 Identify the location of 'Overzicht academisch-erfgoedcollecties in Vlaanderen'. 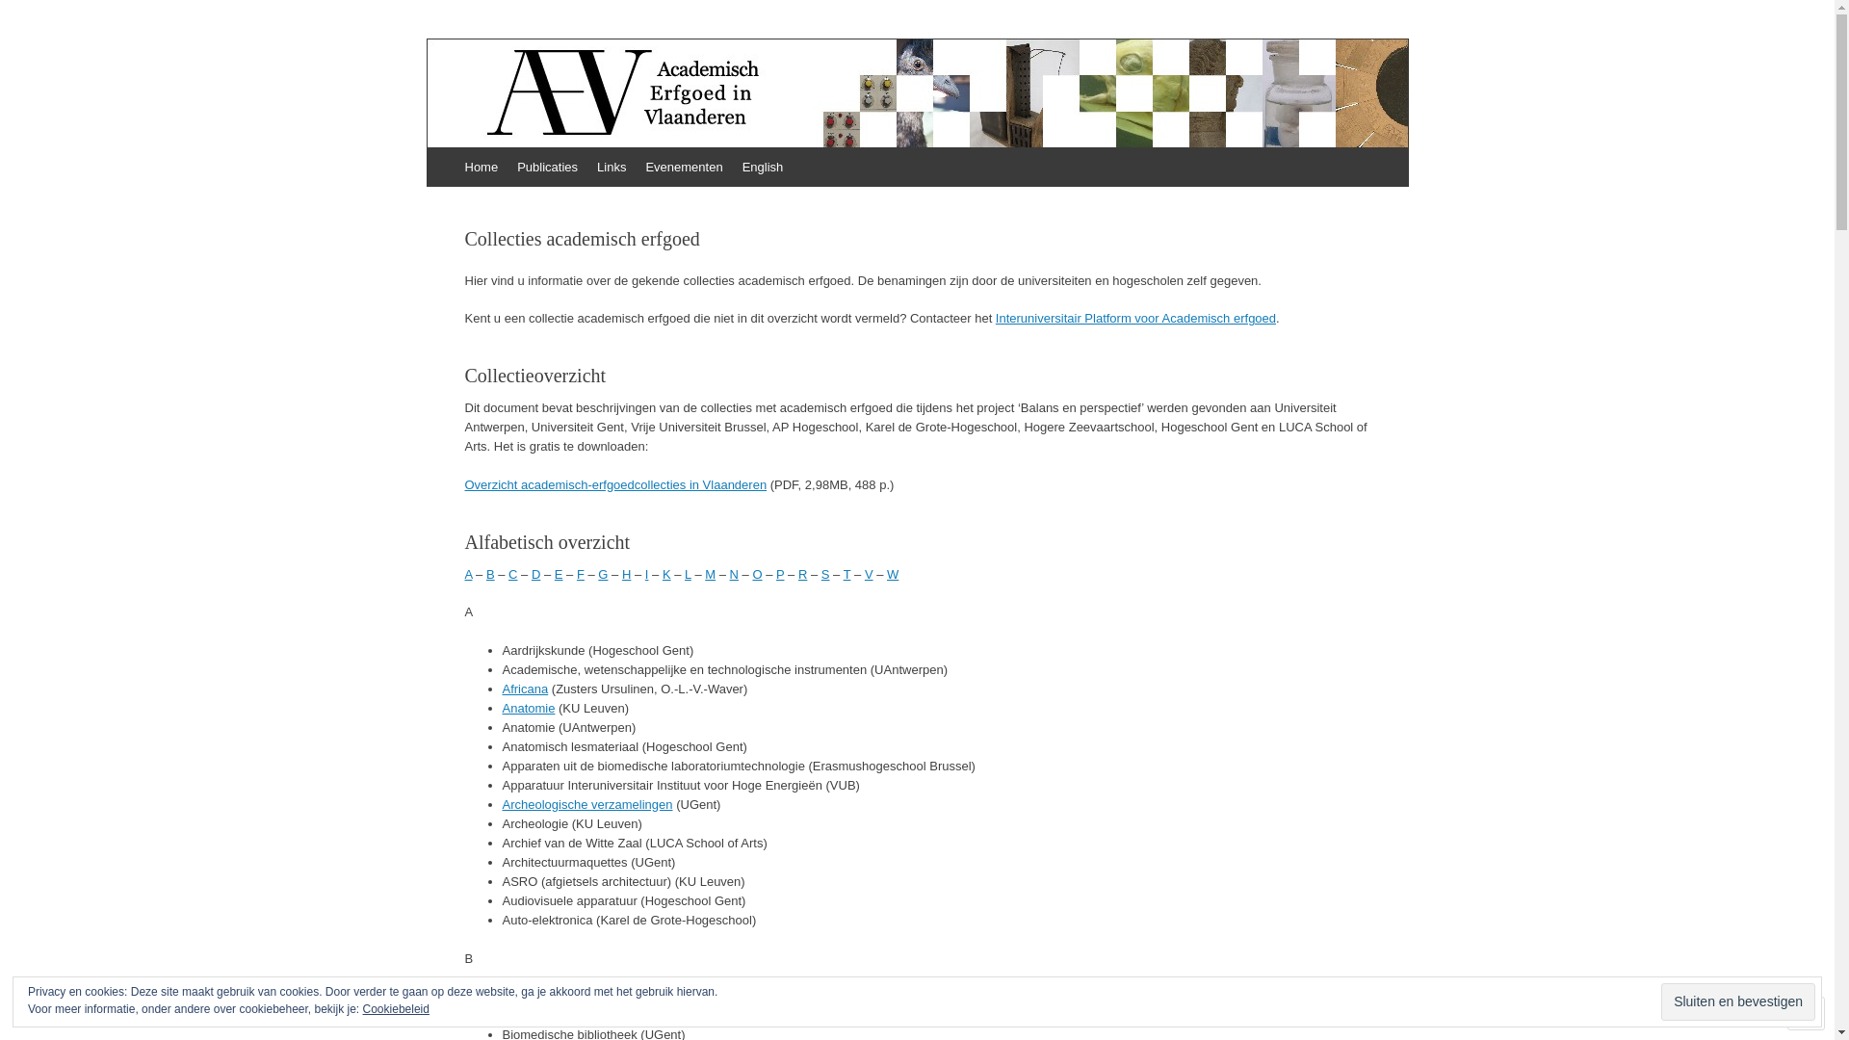
(613, 483).